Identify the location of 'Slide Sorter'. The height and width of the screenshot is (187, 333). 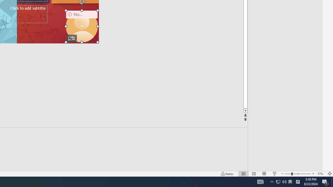
(254, 174).